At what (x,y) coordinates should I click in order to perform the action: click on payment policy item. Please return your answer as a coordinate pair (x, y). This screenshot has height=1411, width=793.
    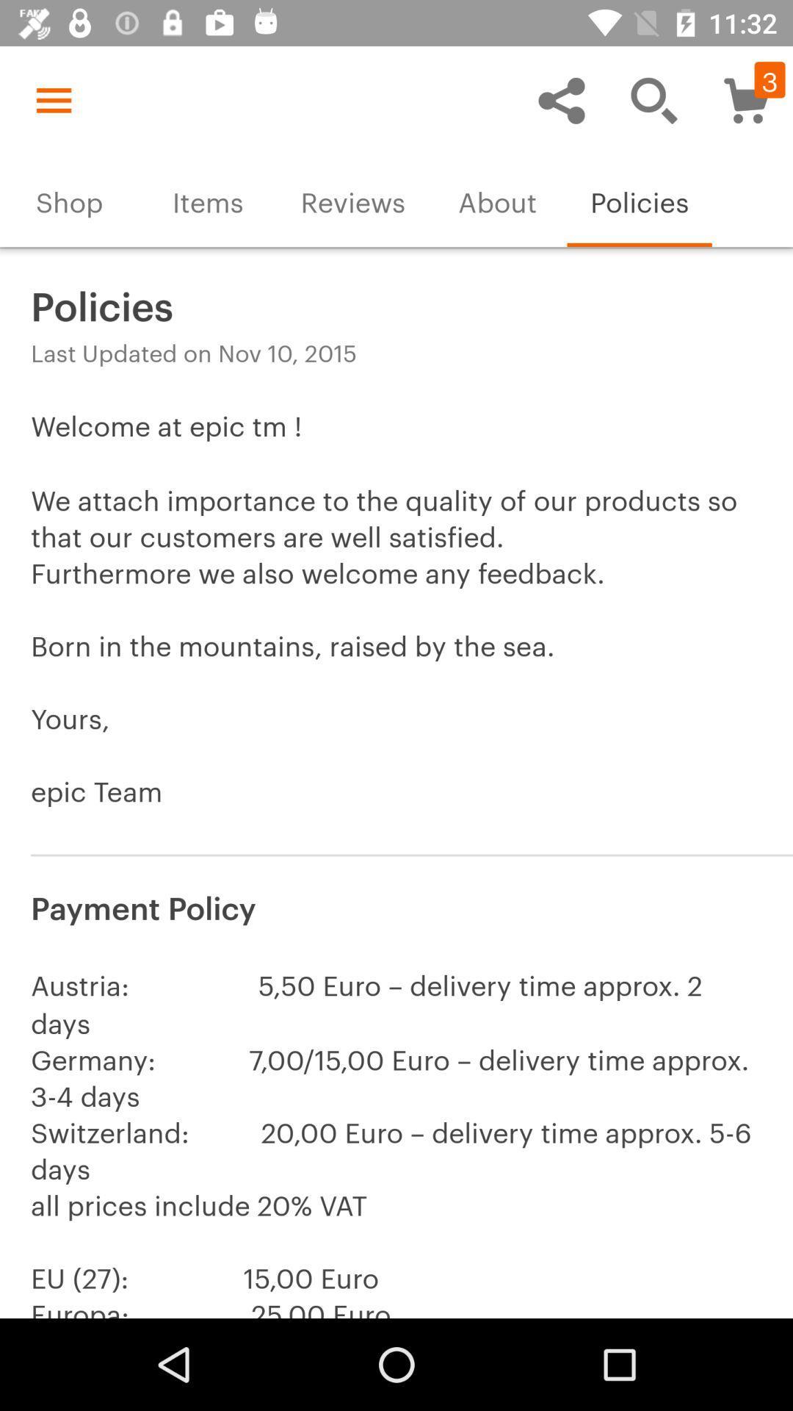
    Looking at the image, I should click on (396, 905).